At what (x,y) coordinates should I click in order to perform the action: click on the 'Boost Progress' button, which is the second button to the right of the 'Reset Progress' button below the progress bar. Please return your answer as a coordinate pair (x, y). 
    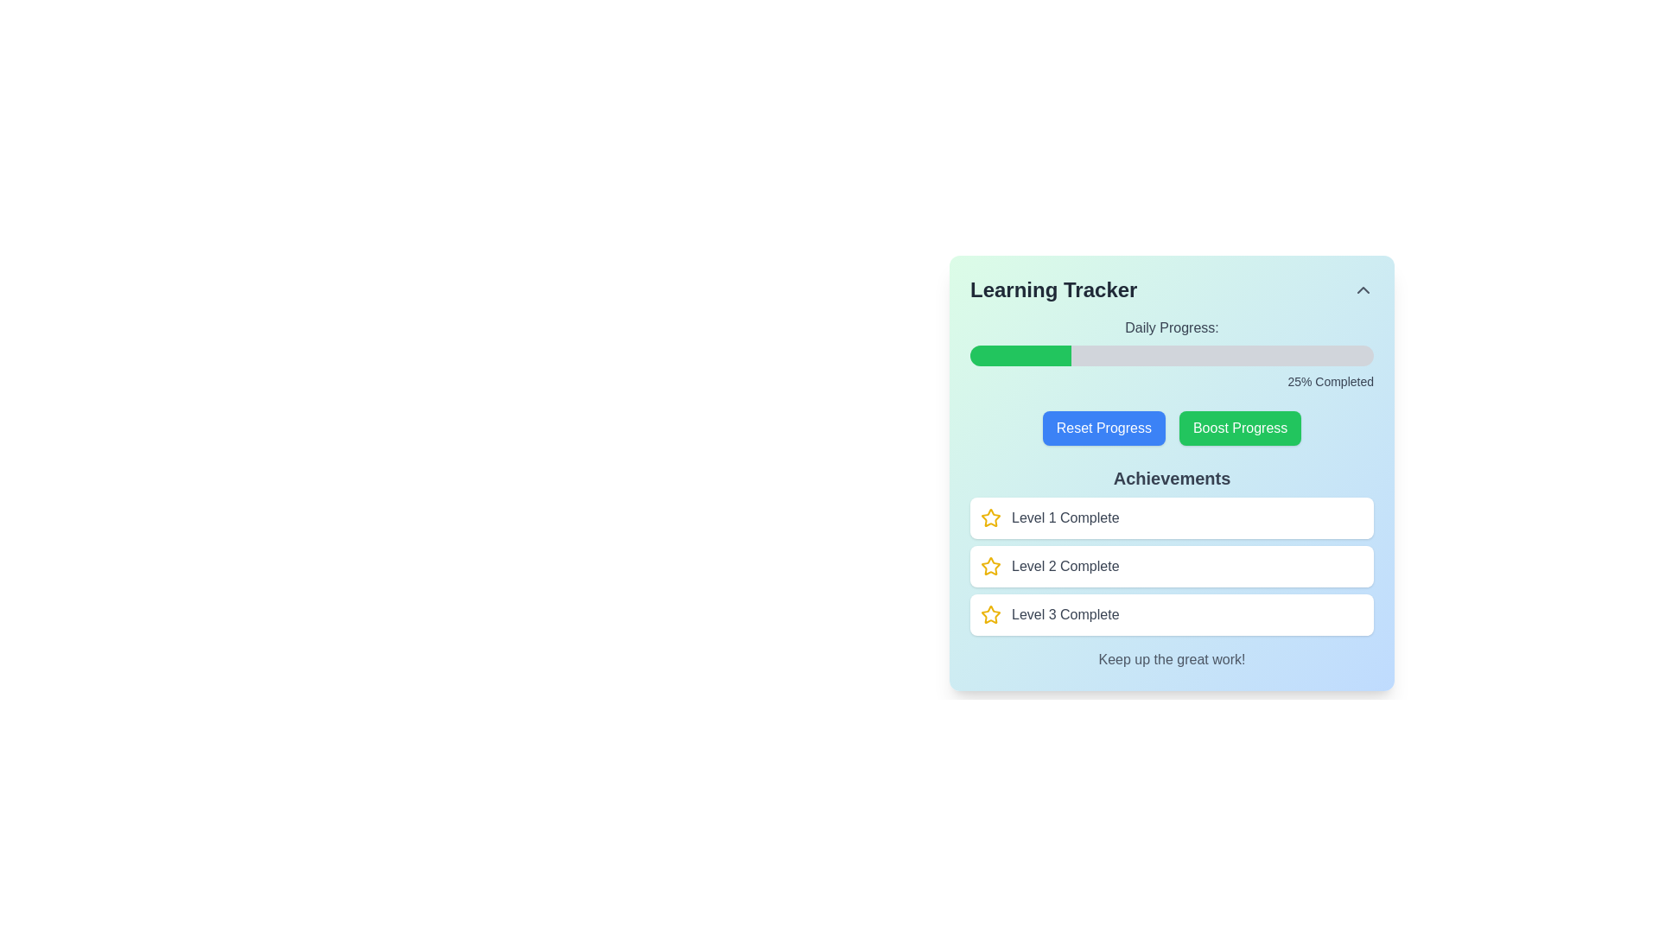
    Looking at the image, I should click on (1239, 428).